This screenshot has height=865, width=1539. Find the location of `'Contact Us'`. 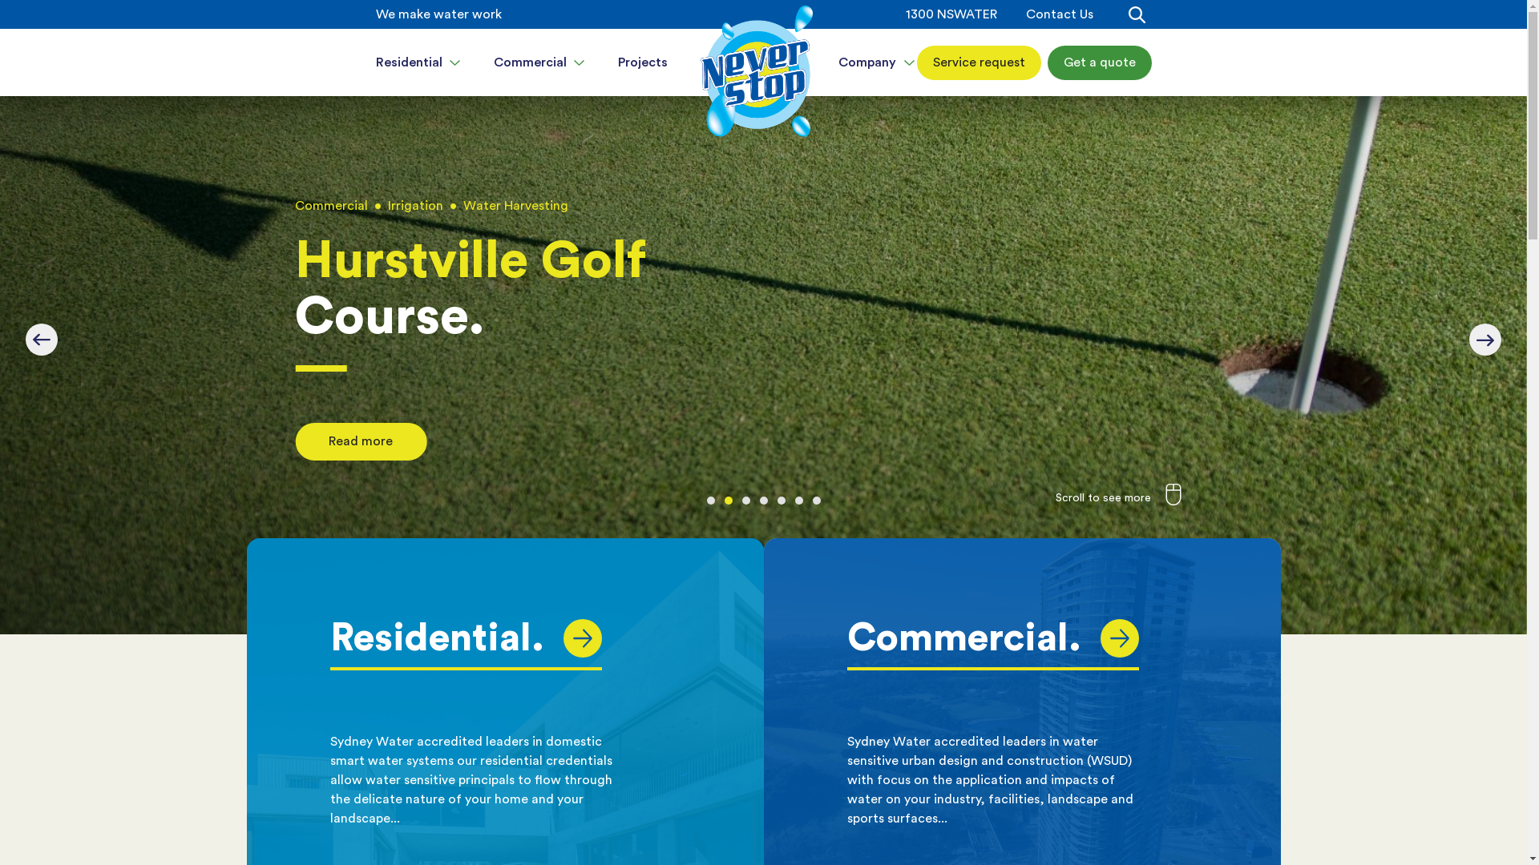

'Contact Us' is located at coordinates (1059, 14).